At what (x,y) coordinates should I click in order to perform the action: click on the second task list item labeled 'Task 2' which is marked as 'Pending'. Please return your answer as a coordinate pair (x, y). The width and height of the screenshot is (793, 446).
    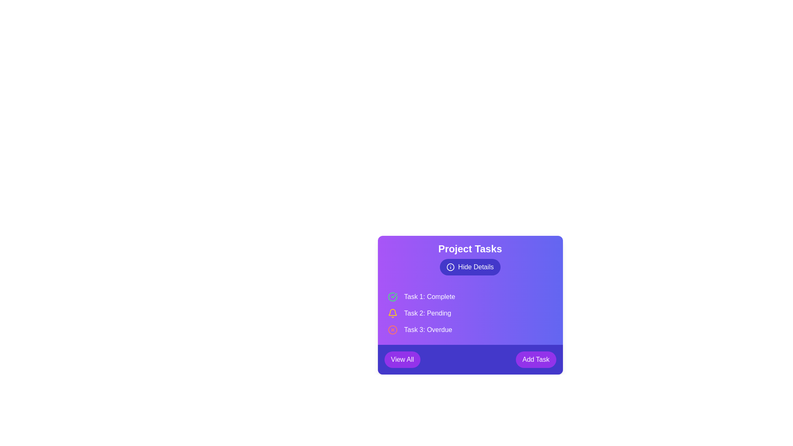
    Looking at the image, I should click on (470, 313).